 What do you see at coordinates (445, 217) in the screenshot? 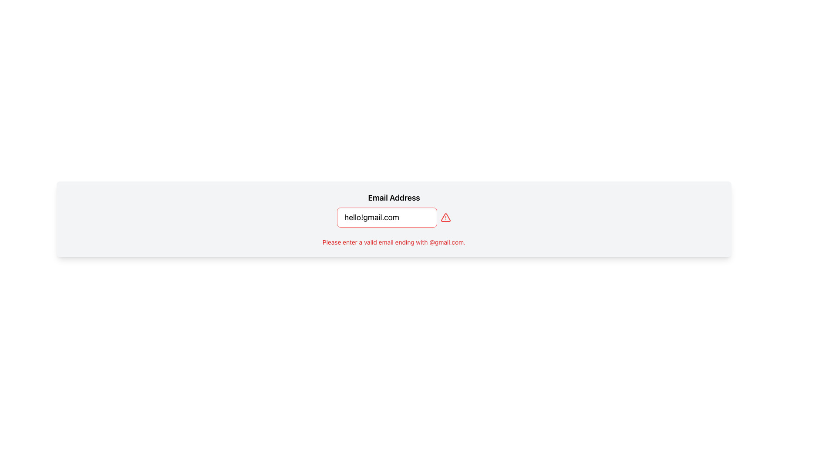
I see `the error alert icon indicating an issue with the email address, located to the right of the text input field and slightly above the error message text` at bounding box center [445, 217].